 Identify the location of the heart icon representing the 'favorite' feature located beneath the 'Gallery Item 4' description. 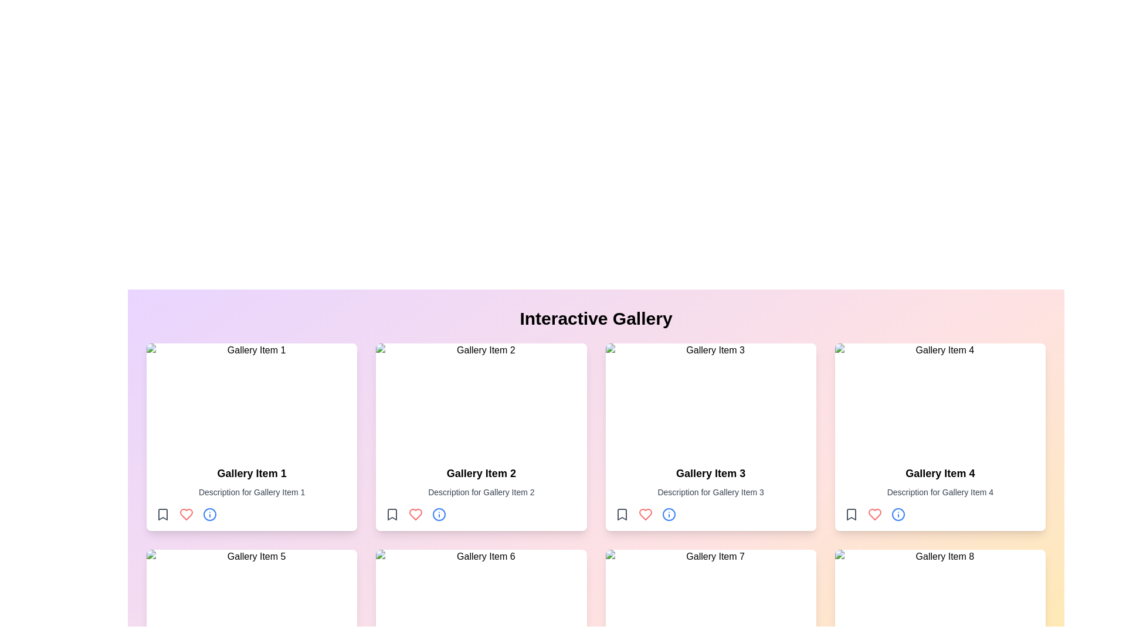
(416, 514).